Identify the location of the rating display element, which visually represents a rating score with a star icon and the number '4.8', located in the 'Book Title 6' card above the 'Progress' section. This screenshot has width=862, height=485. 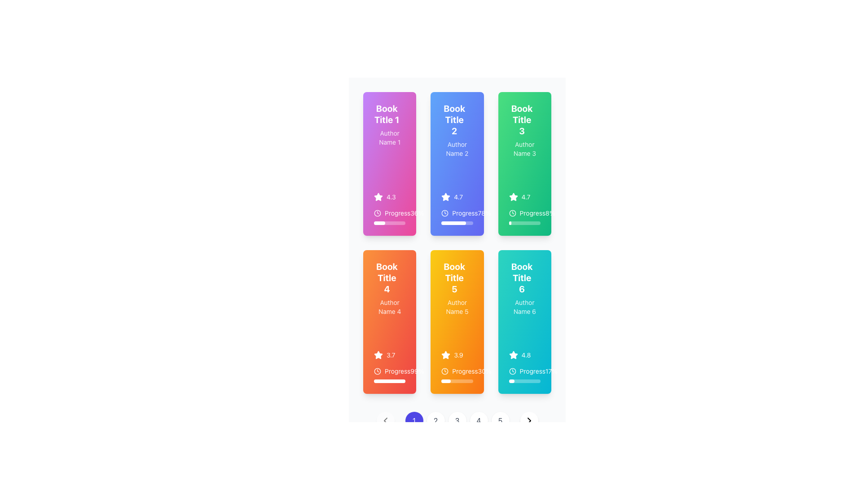
(524, 354).